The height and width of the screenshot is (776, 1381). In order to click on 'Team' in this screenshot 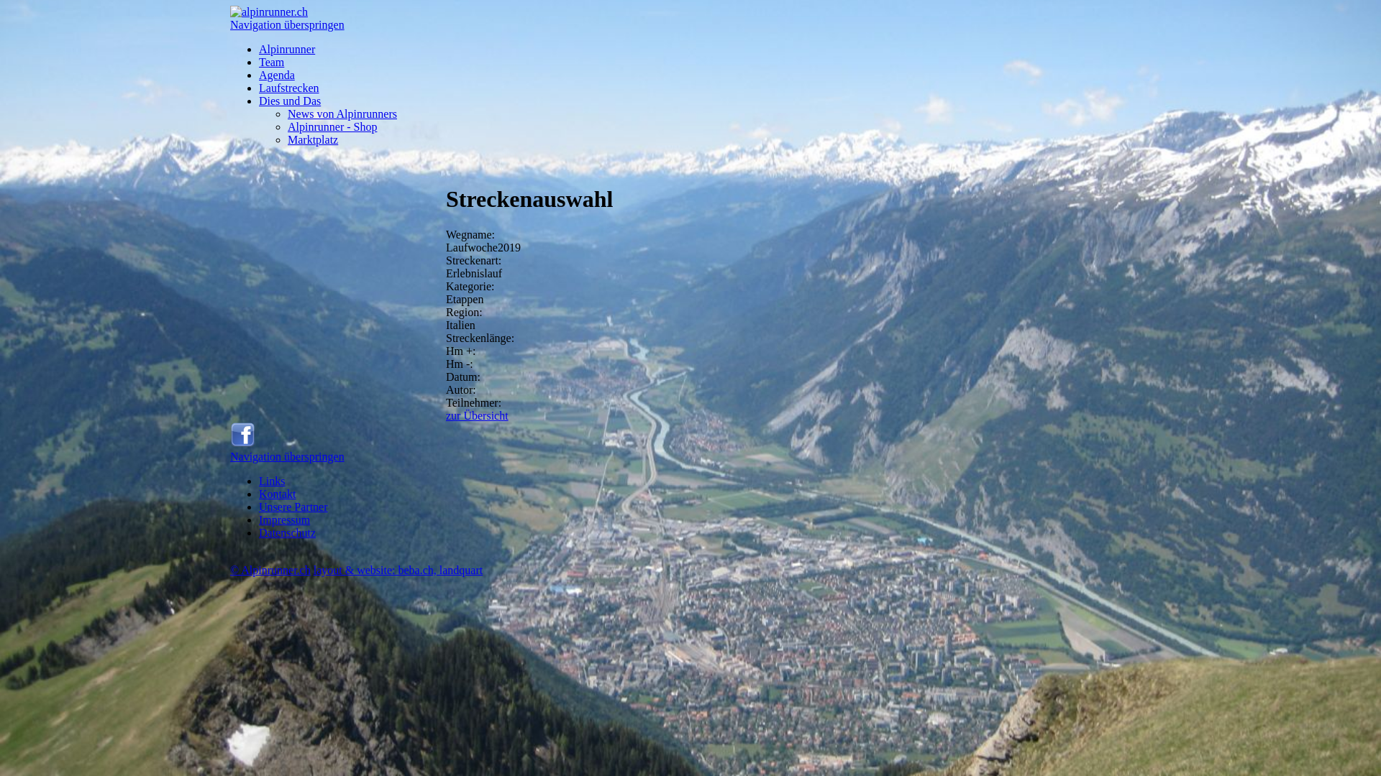, I will do `click(271, 61)`.